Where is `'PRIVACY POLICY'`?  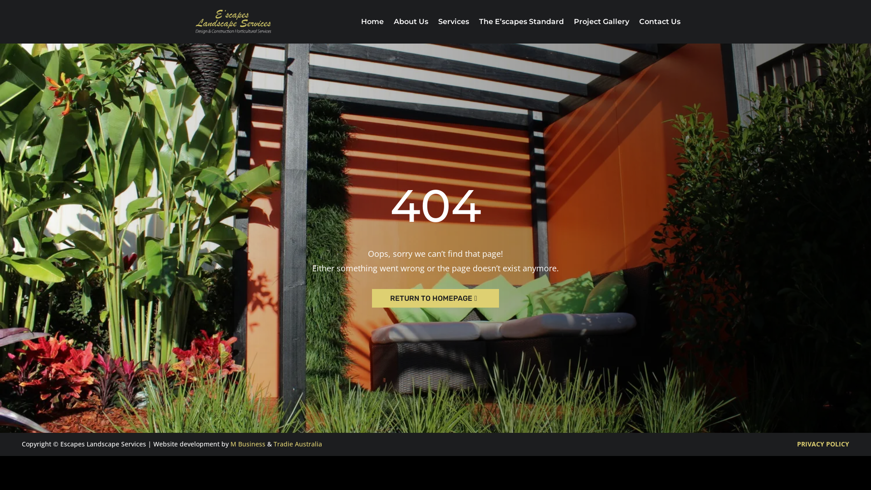 'PRIVACY POLICY' is located at coordinates (823, 443).